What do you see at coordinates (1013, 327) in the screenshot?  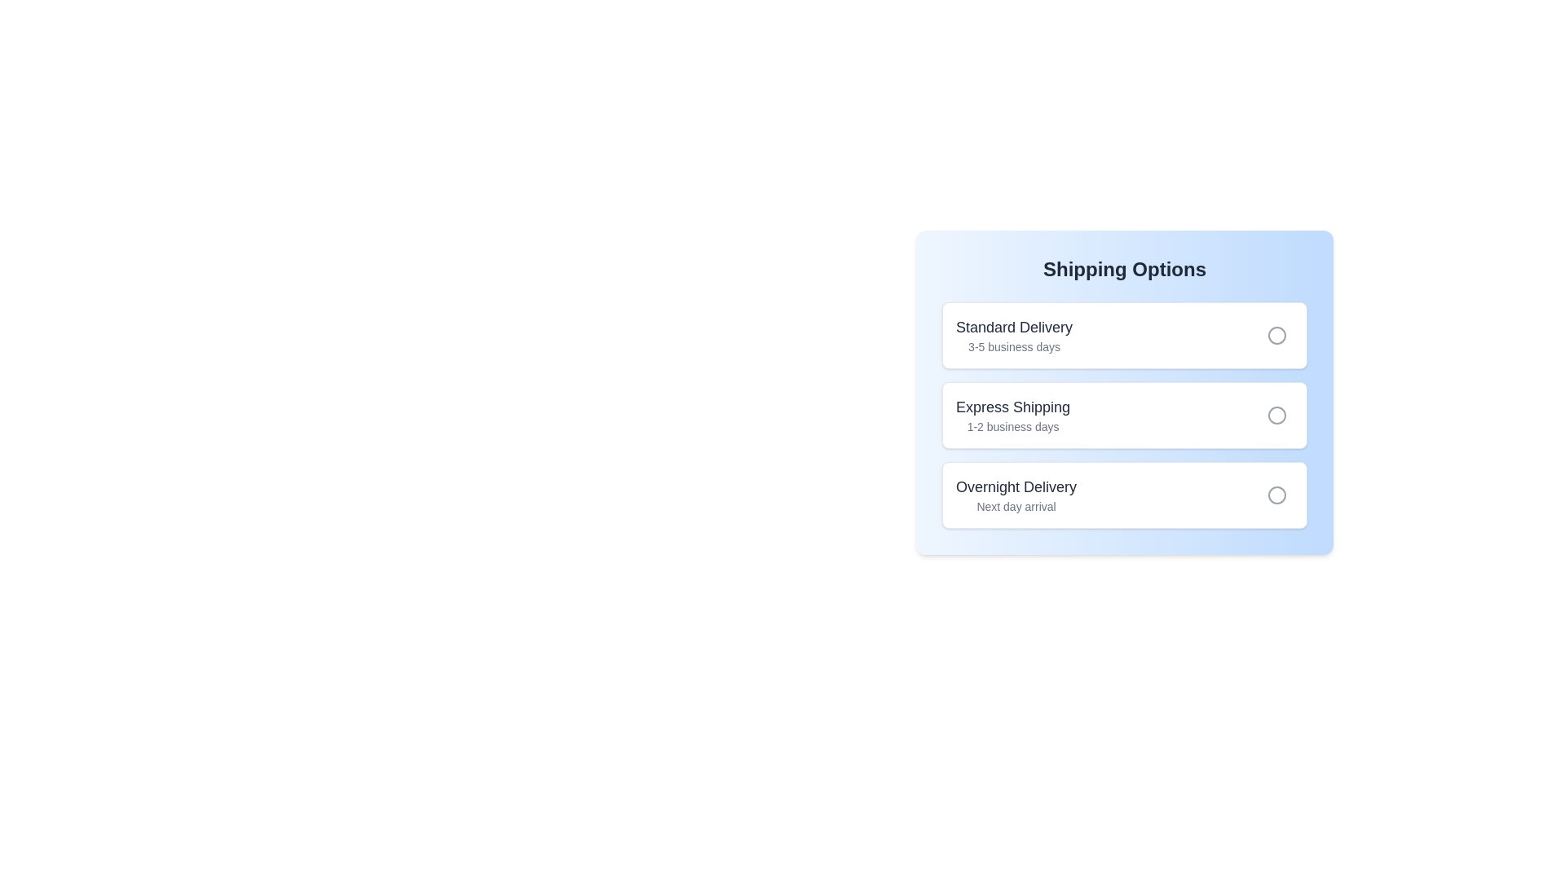 I see `the 'Standard Delivery' text label in the 'Shipping Options' section to read it` at bounding box center [1013, 327].